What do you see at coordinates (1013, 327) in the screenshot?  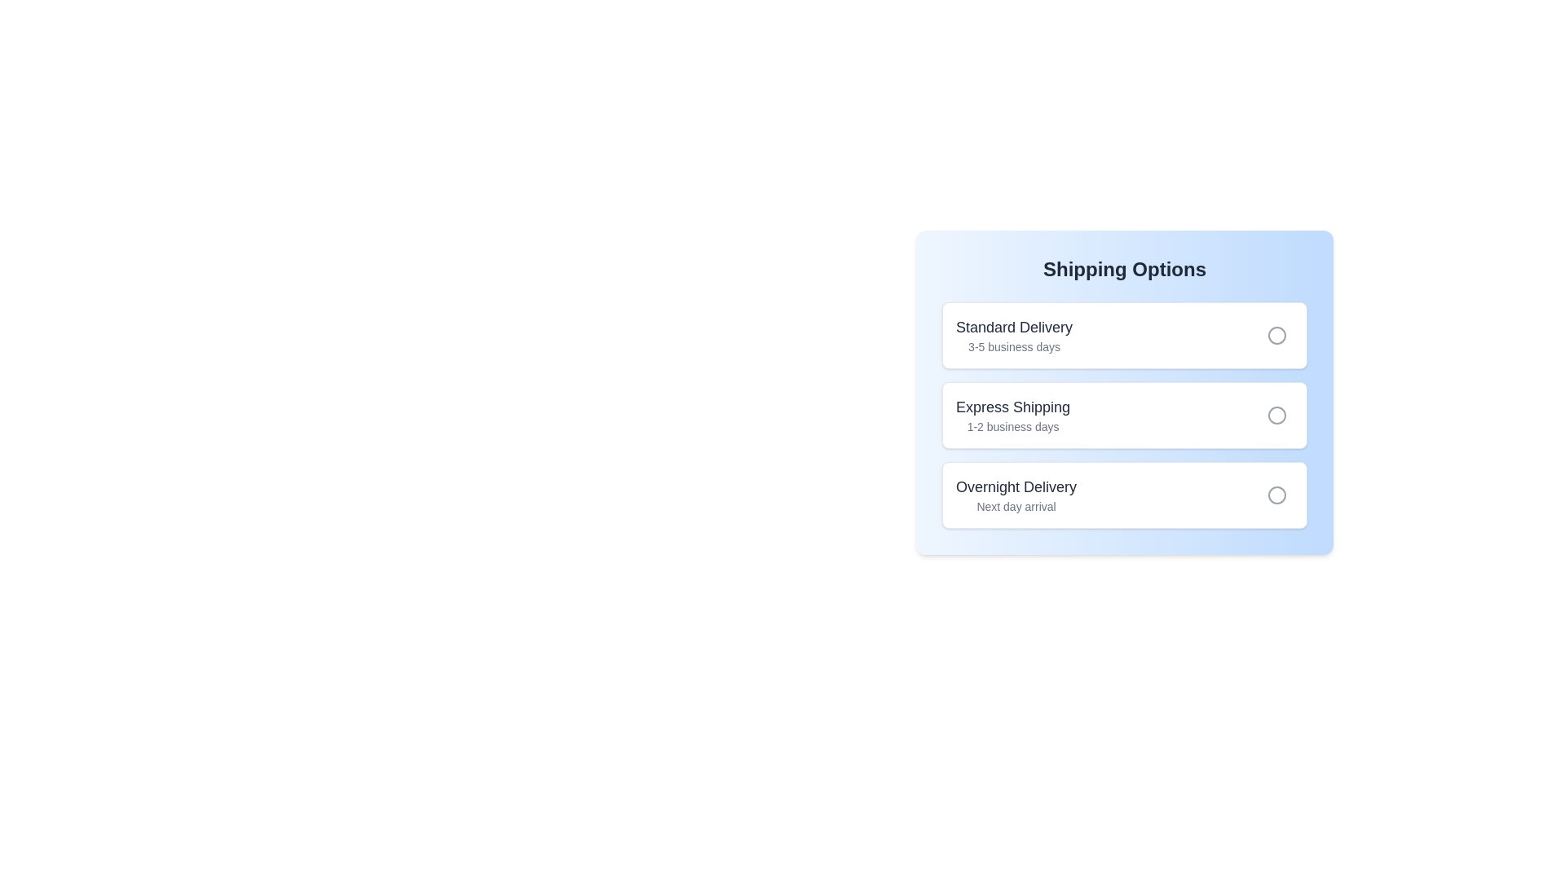 I see `the 'Standard Delivery' text label in the 'Shipping Options' section to read it` at bounding box center [1013, 327].